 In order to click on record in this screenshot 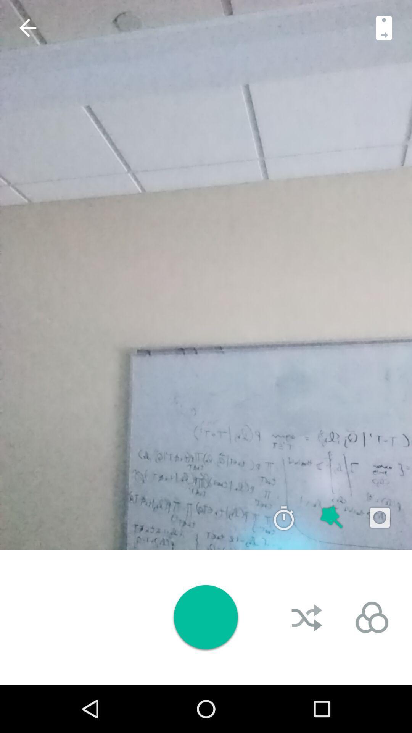, I will do `click(205, 617)`.